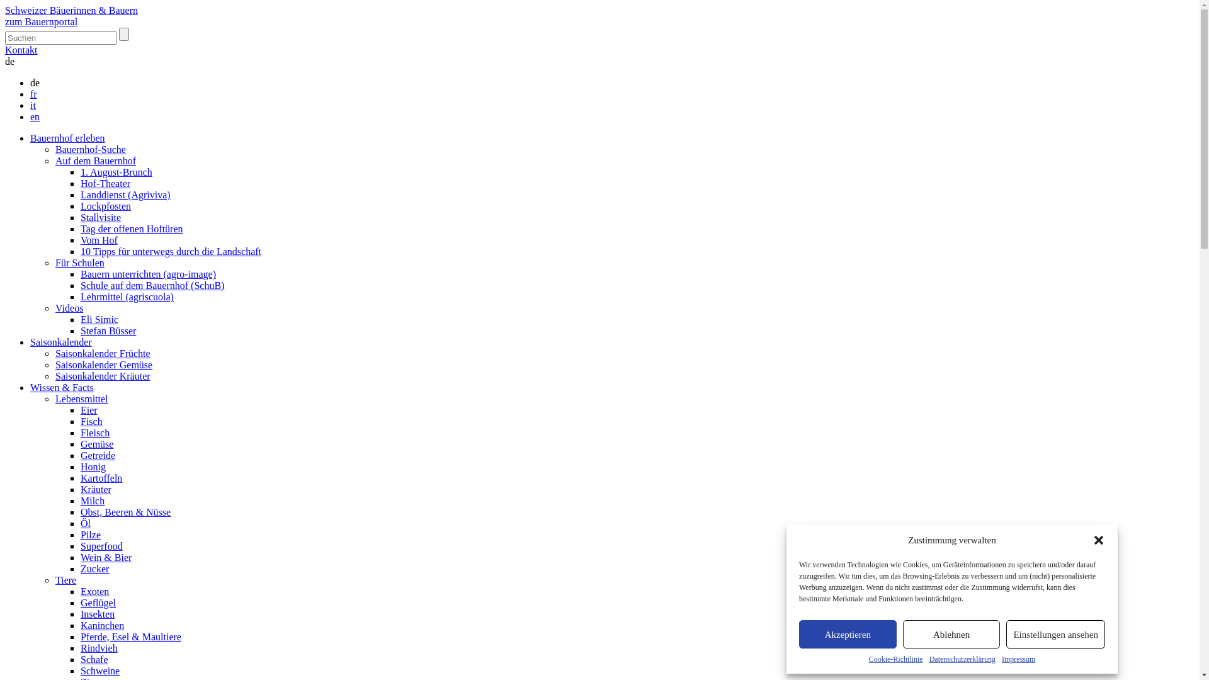 This screenshot has height=680, width=1209. Describe the element at coordinates (35, 116) in the screenshot. I see `'en'` at that location.